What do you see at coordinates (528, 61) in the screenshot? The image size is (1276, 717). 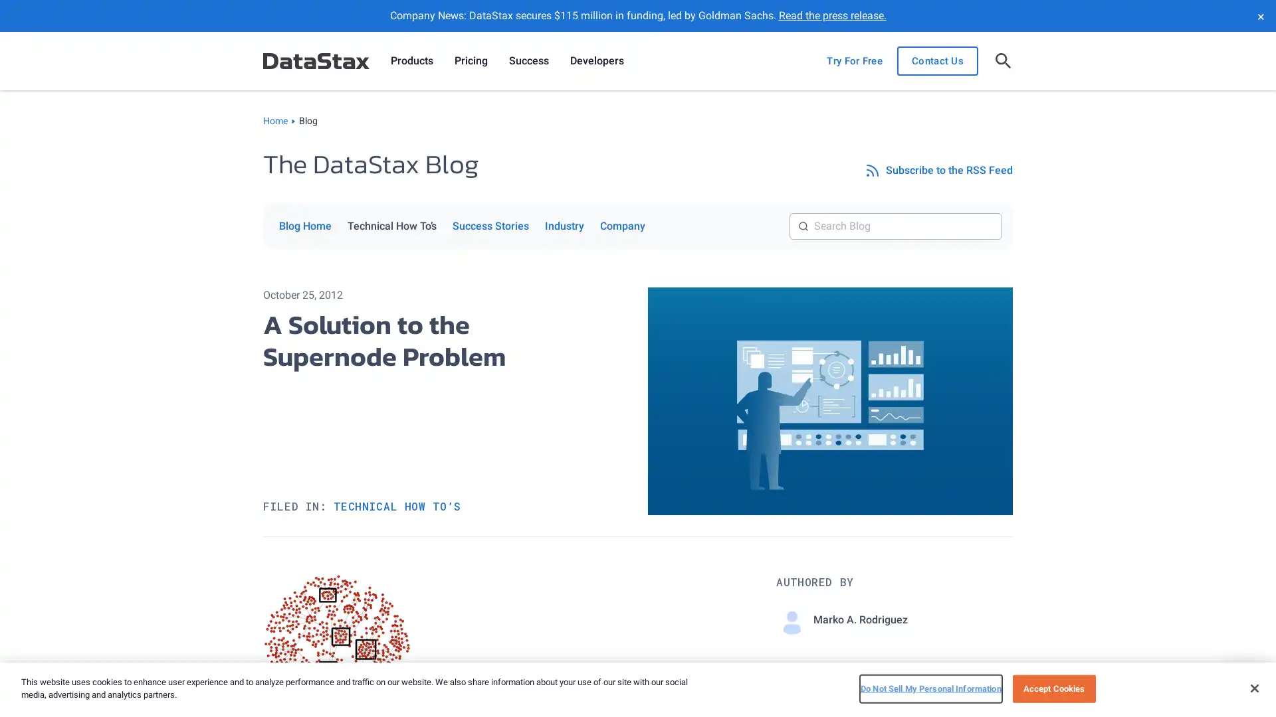 I see `Success` at bounding box center [528, 61].